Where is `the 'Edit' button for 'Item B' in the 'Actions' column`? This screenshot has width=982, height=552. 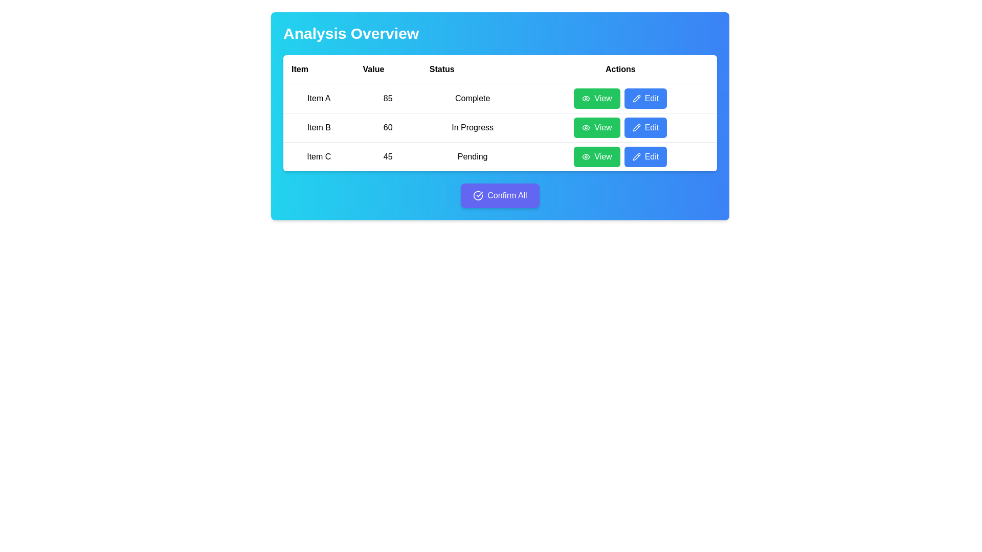 the 'Edit' button for 'Item B' in the 'Actions' column is located at coordinates (645, 127).